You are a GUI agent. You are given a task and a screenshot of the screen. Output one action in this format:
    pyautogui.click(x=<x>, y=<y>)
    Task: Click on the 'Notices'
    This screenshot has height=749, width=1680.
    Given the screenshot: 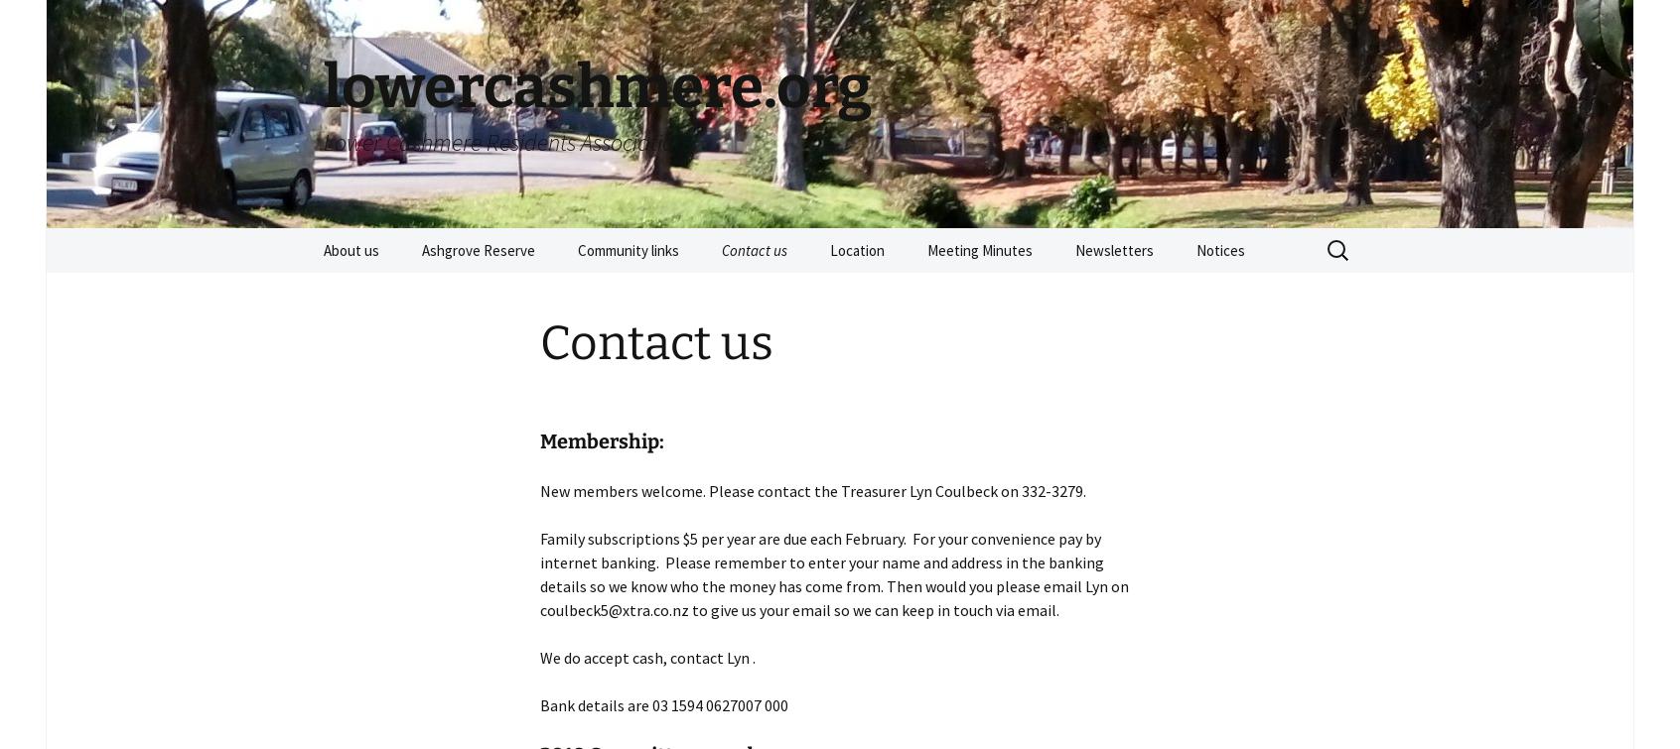 What is the action you would take?
    pyautogui.click(x=1220, y=250)
    